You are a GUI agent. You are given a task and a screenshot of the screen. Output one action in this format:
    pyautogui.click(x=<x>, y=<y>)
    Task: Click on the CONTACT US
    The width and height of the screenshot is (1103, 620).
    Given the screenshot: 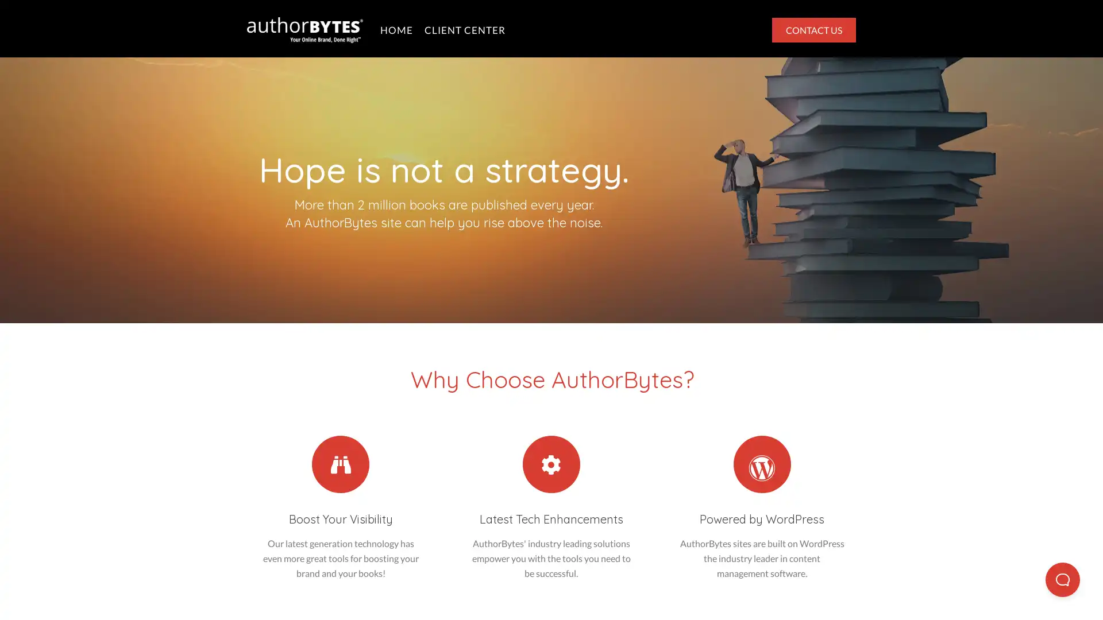 What is the action you would take?
    pyautogui.click(x=813, y=29)
    